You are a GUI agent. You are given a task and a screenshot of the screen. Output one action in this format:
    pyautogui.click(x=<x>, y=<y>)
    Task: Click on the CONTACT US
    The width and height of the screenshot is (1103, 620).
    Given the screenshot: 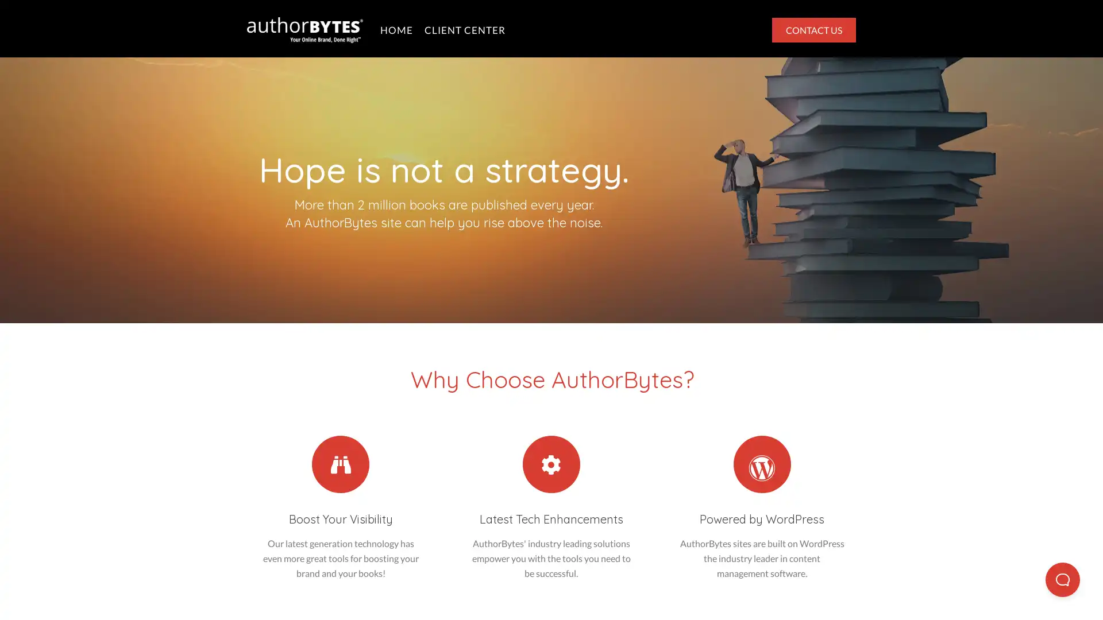 What is the action you would take?
    pyautogui.click(x=813, y=29)
    